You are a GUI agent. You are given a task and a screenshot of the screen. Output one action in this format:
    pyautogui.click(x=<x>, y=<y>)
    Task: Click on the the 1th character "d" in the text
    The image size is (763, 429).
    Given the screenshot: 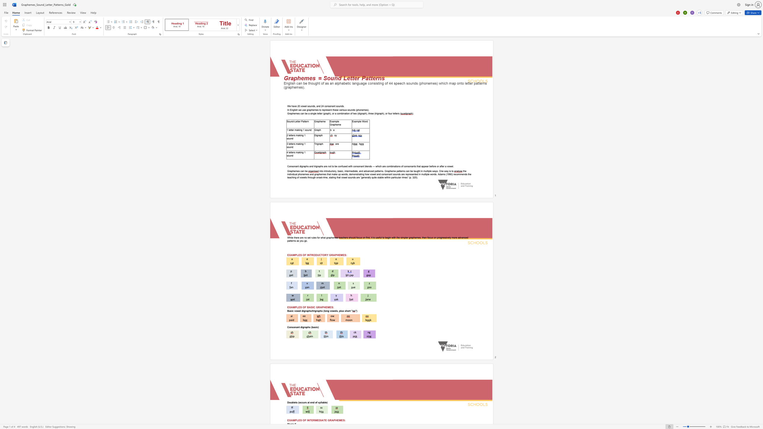 What is the action you would take?
    pyautogui.click(x=313, y=106)
    